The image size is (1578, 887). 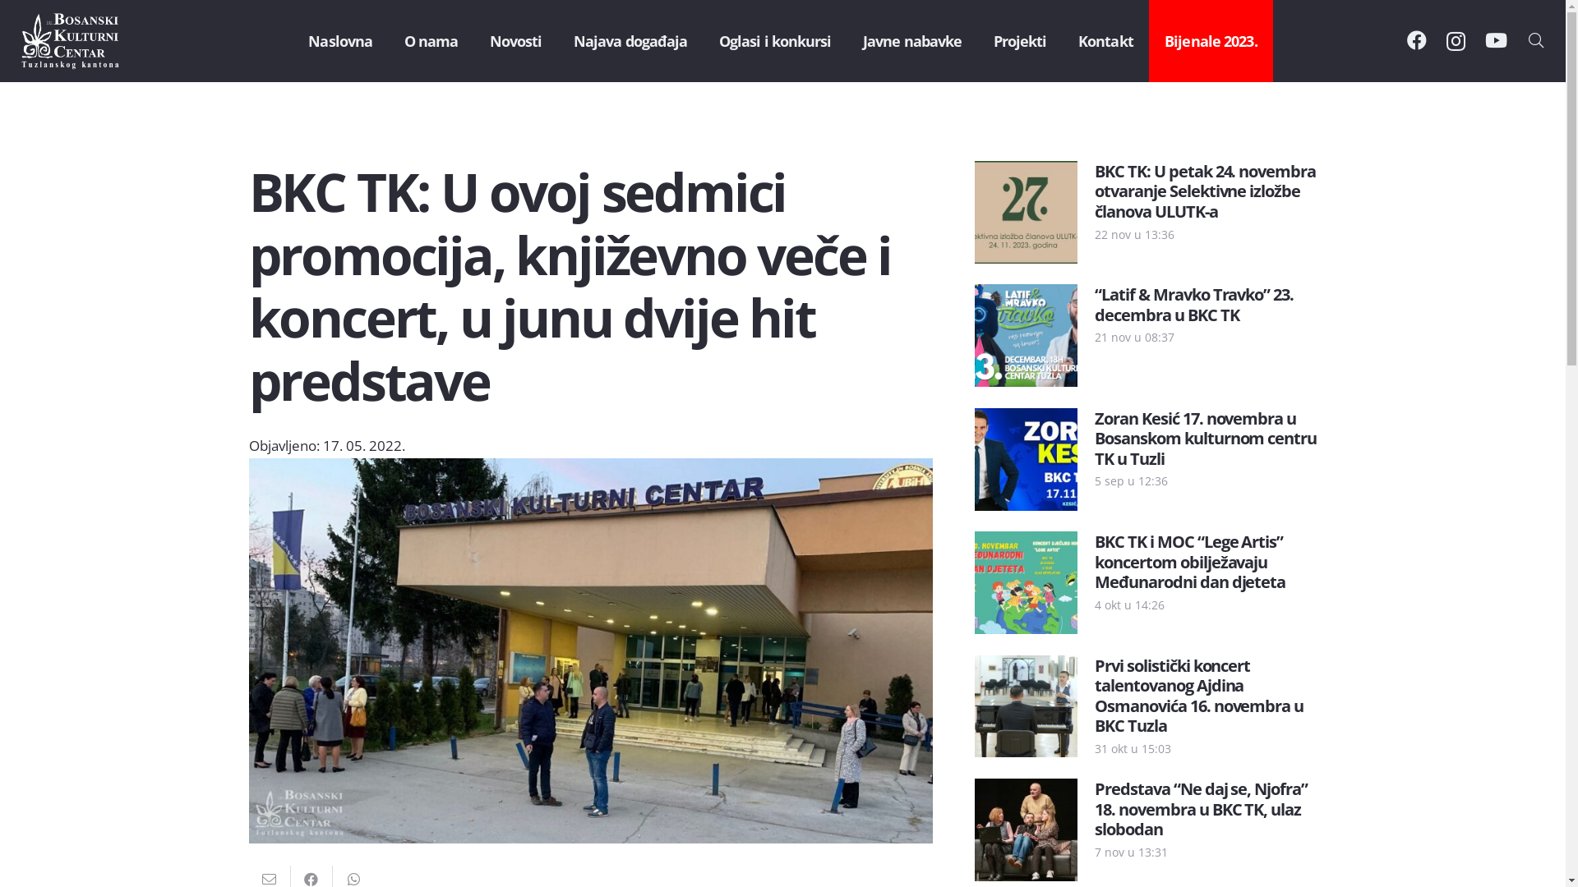 What do you see at coordinates (1484, 39) in the screenshot?
I see `'YouTube'` at bounding box center [1484, 39].